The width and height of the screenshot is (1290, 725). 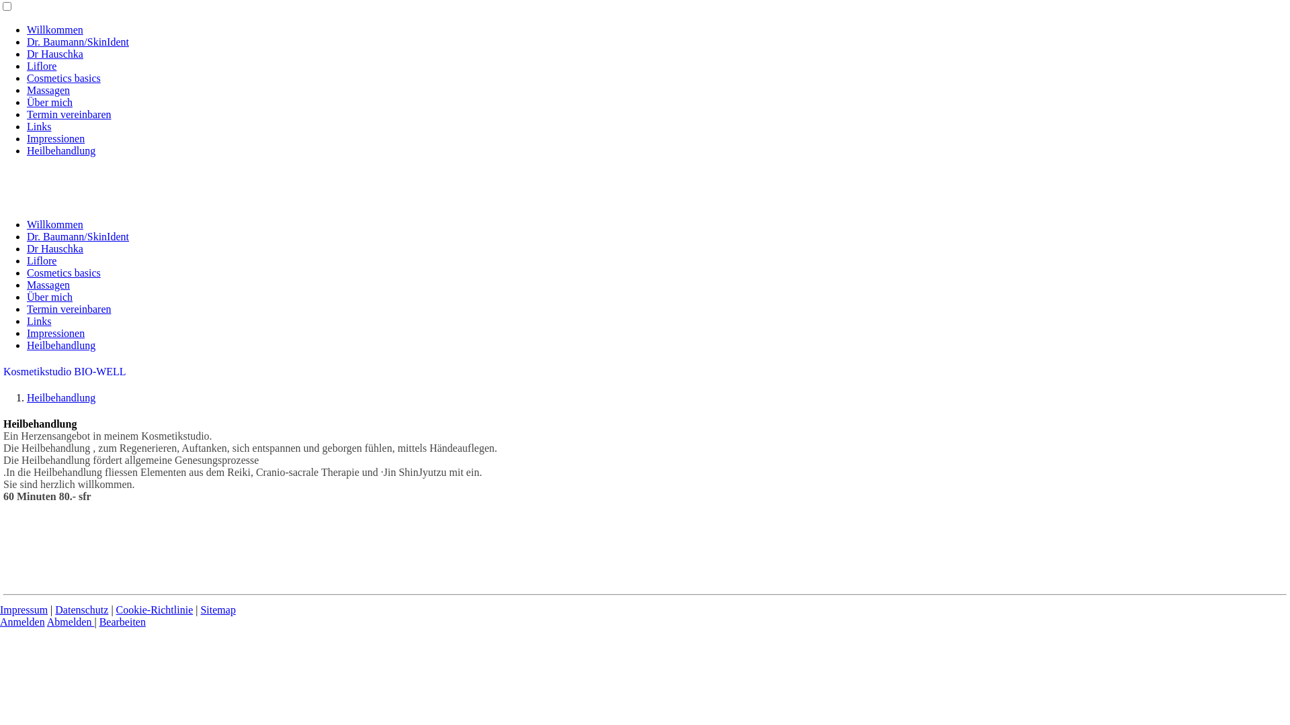 What do you see at coordinates (54, 332) in the screenshot?
I see `'Impressionen'` at bounding box center [54, 332].